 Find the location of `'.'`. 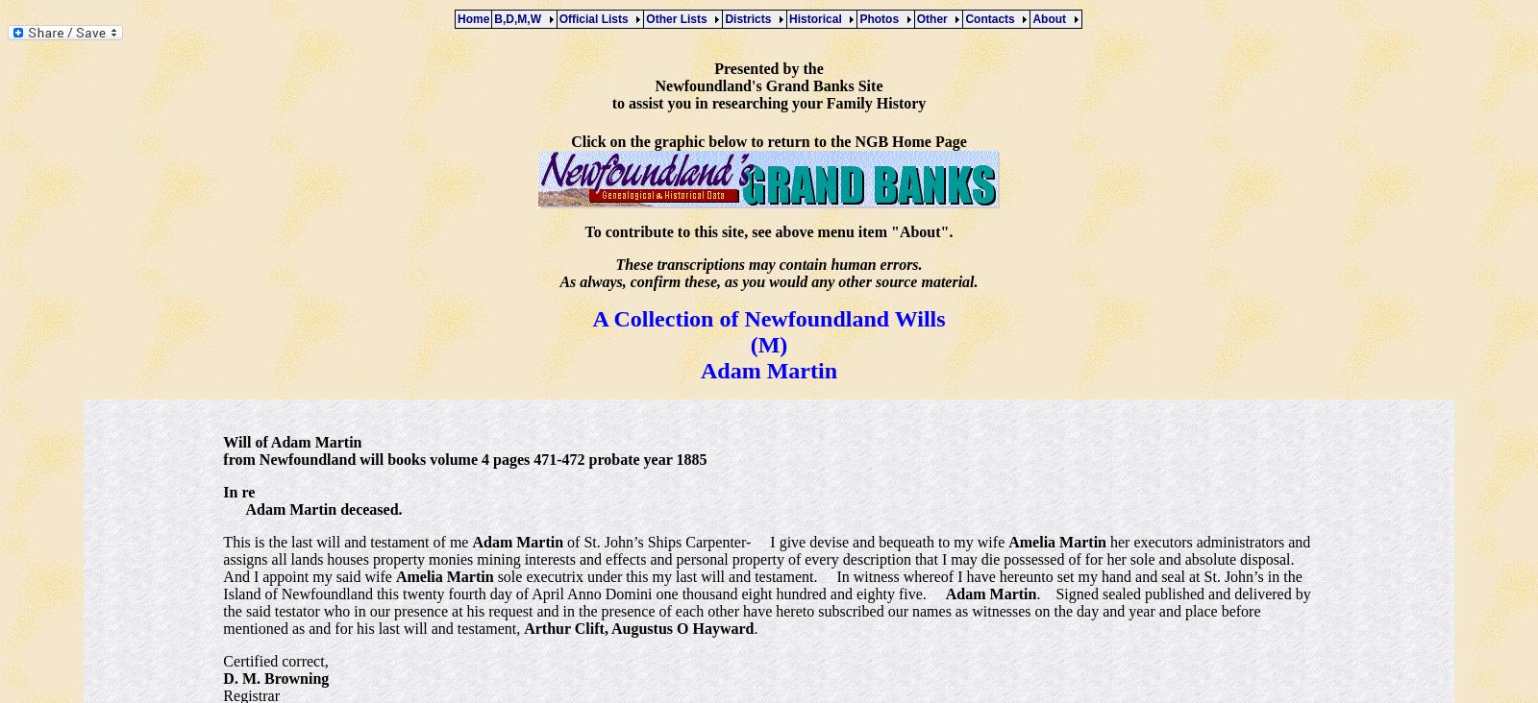

'.' is located at coordinates (754, 627).